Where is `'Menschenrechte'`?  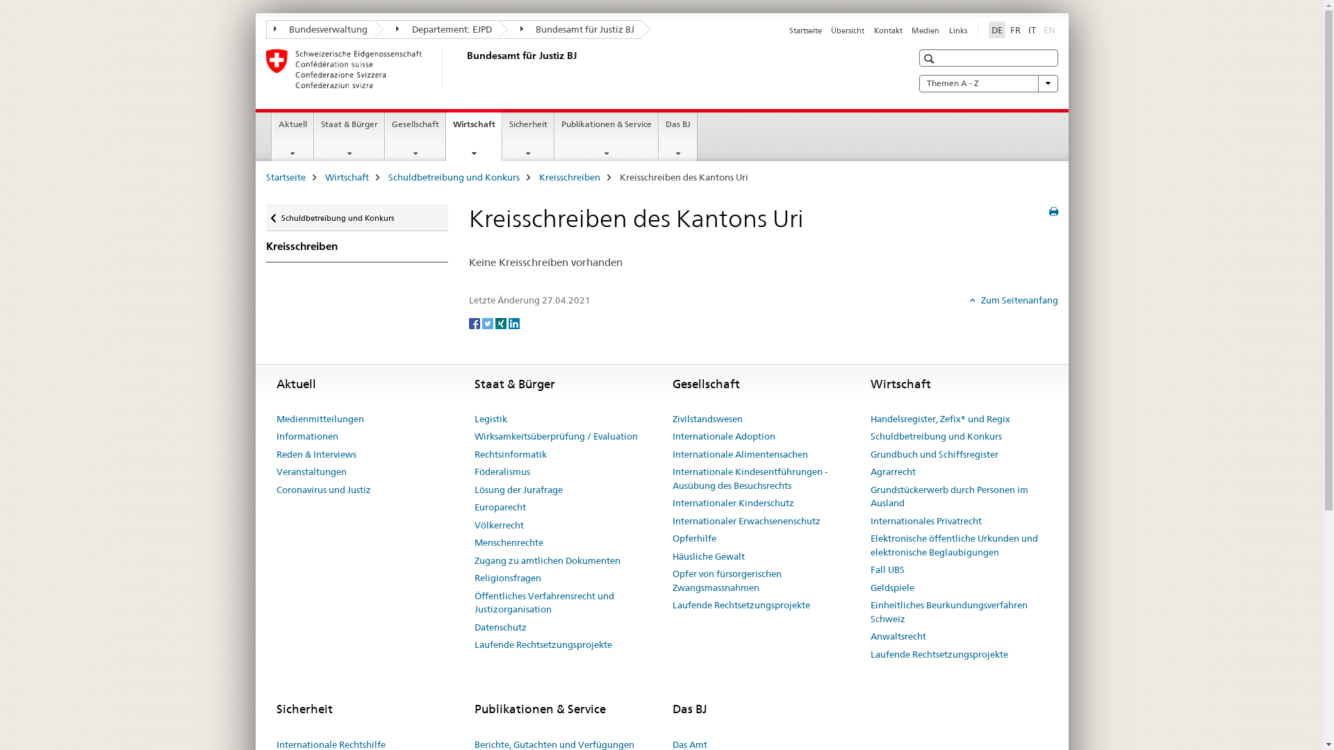
'Menschenrechte' is located at coordinates (507, 542).